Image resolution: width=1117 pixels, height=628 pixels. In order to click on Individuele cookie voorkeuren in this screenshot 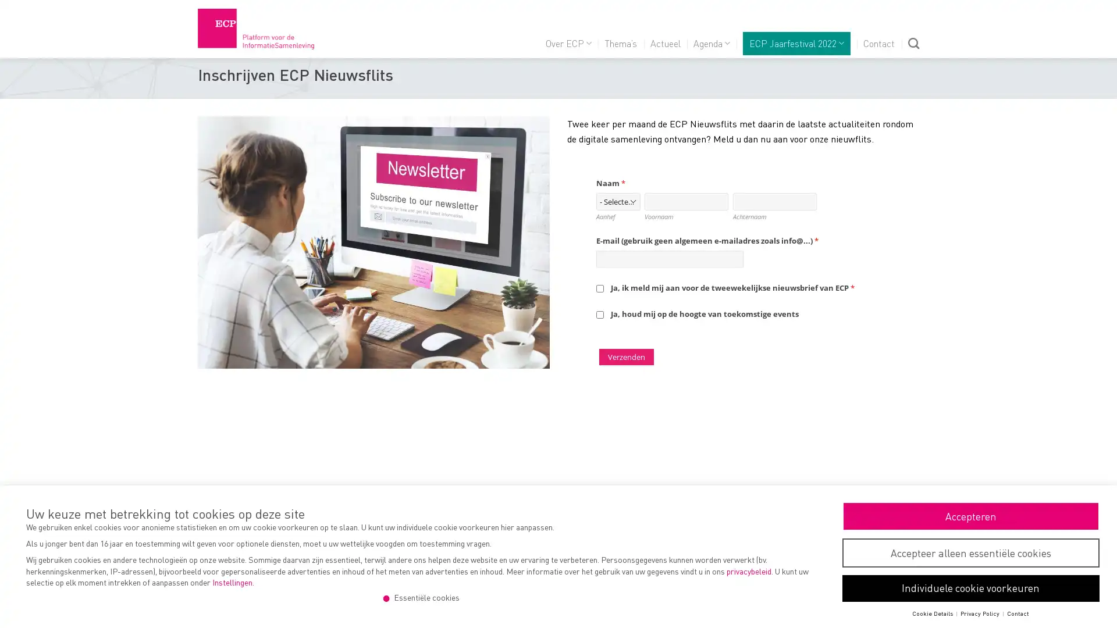, I will do `click(970, 588)`.